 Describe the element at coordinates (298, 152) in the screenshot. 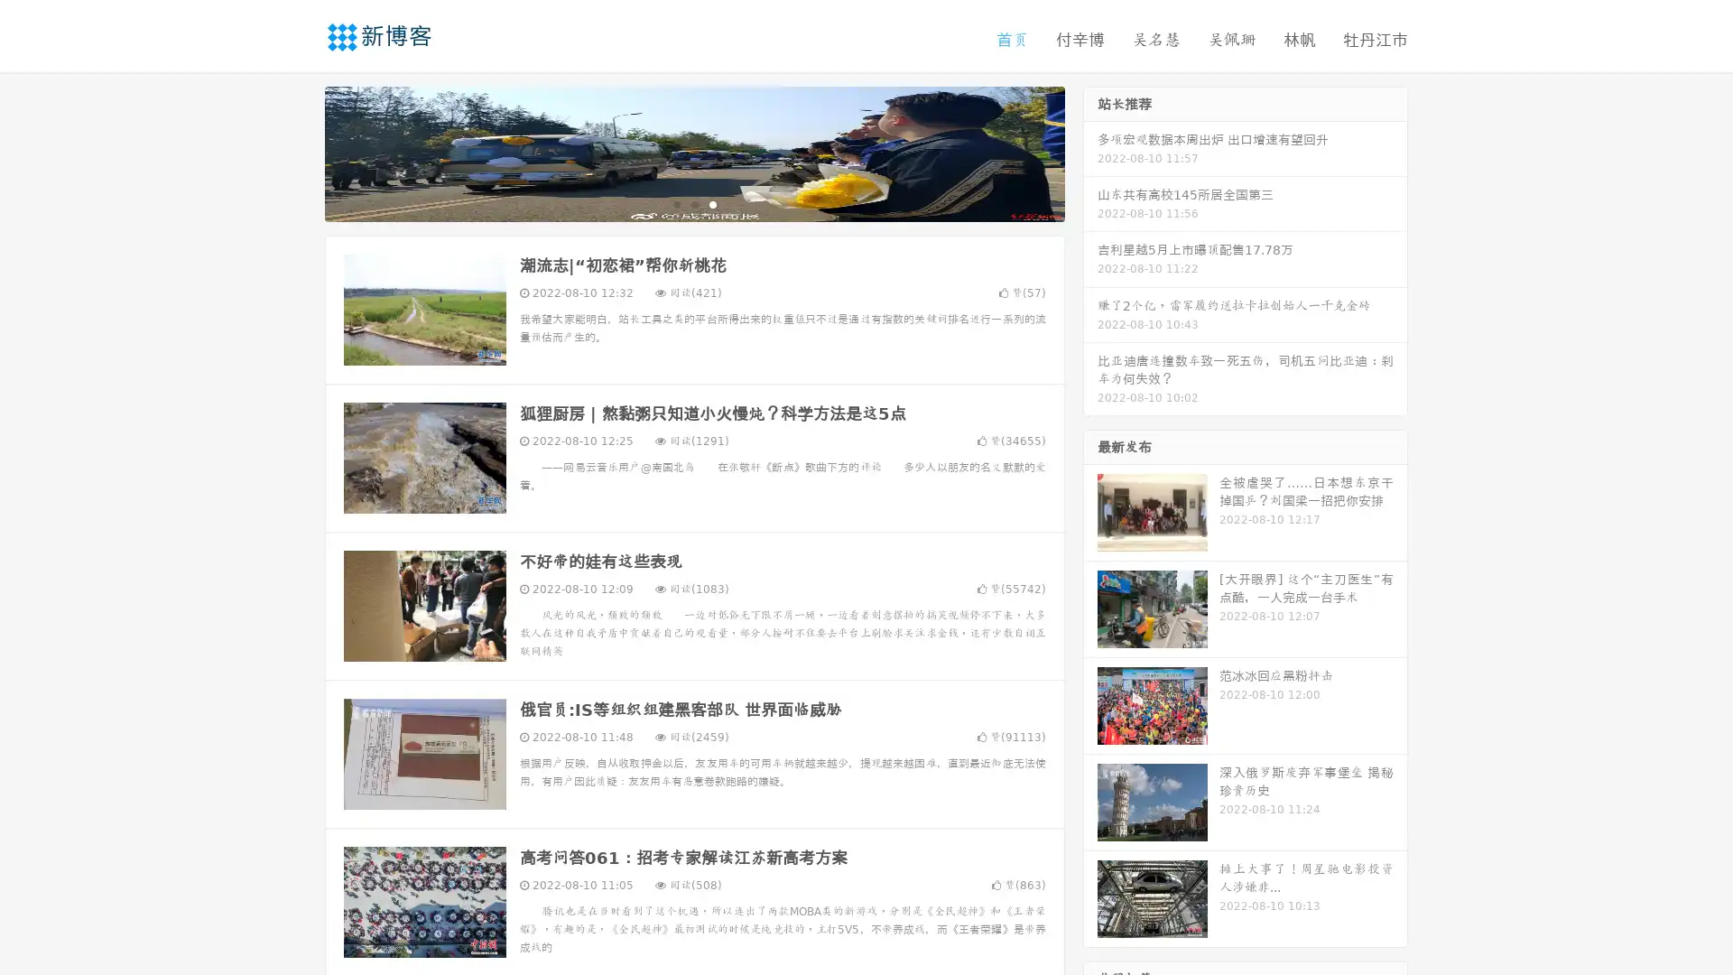

I see `Previous slide` at that location.